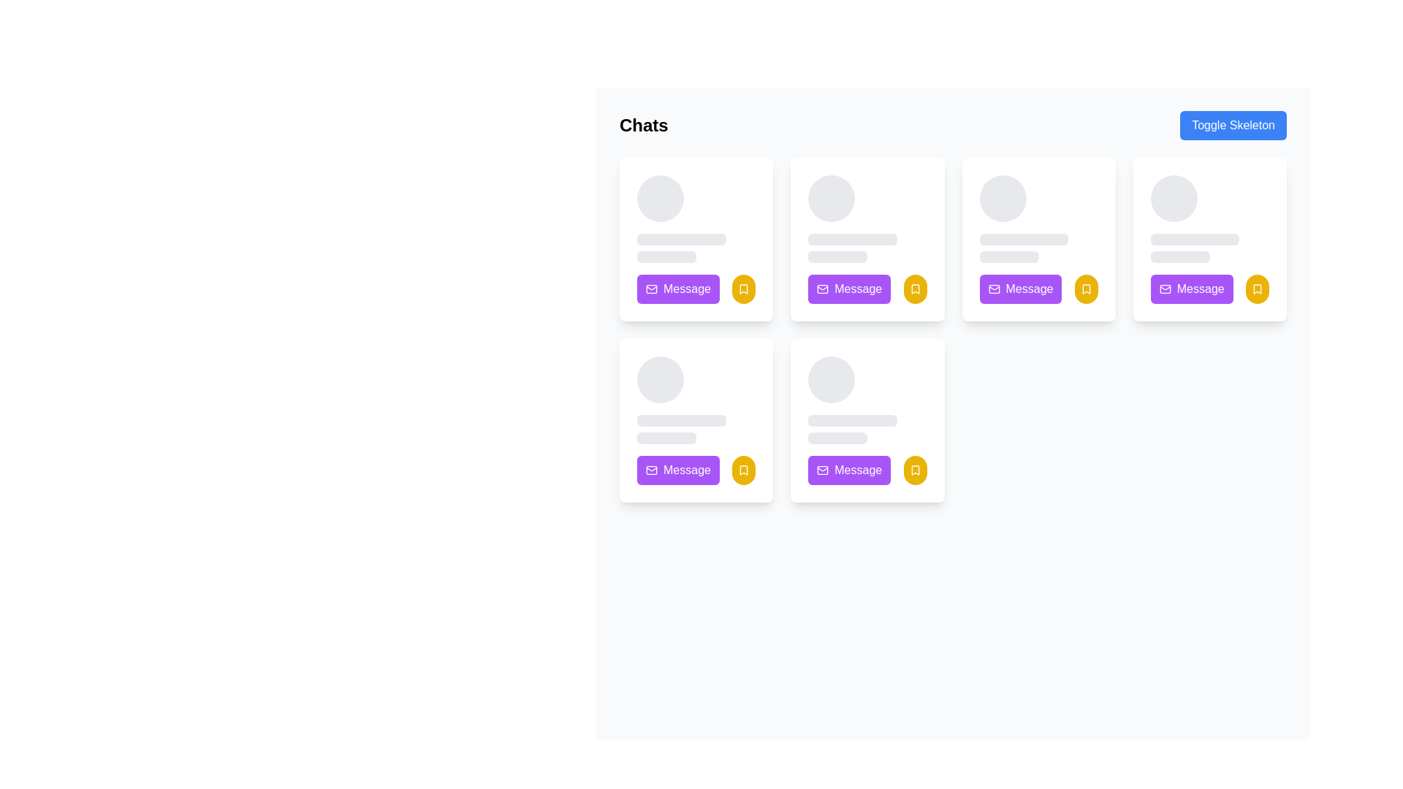 The height and width of the screenshot is (789, 1403). I want to click on the mail icon (SVG) component located inside the 'Message' button in the first card of the grid layout, which is purple and positioned in the lower left corner of the card, so click(651, 289).